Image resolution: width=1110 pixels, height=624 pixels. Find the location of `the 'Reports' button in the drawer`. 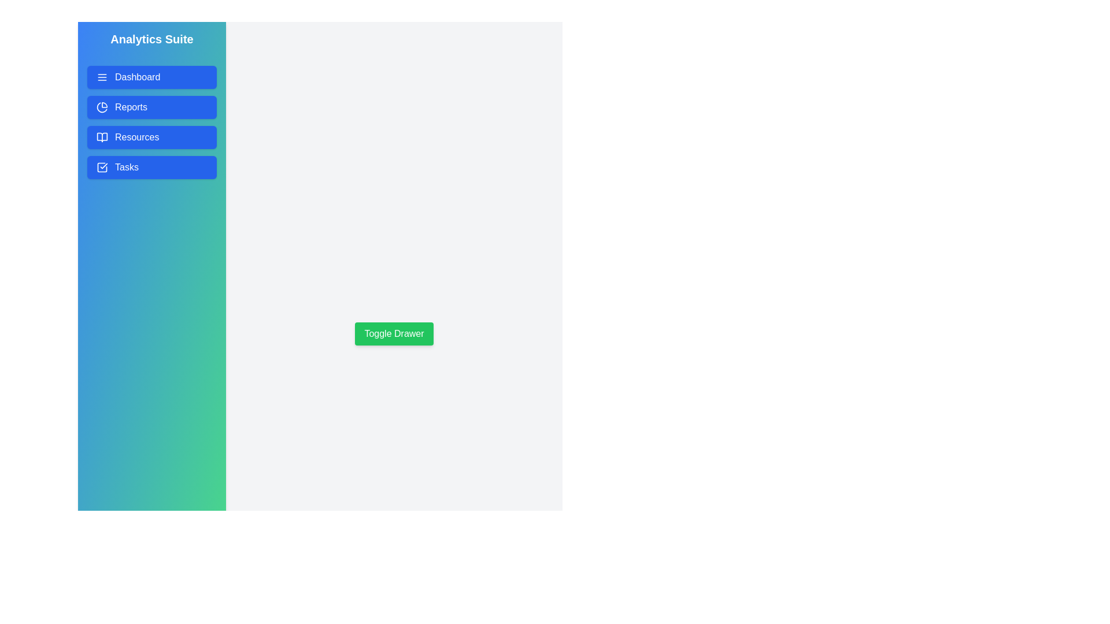

the 'Reports' button in the drawer is located at coordinates (151, 107).